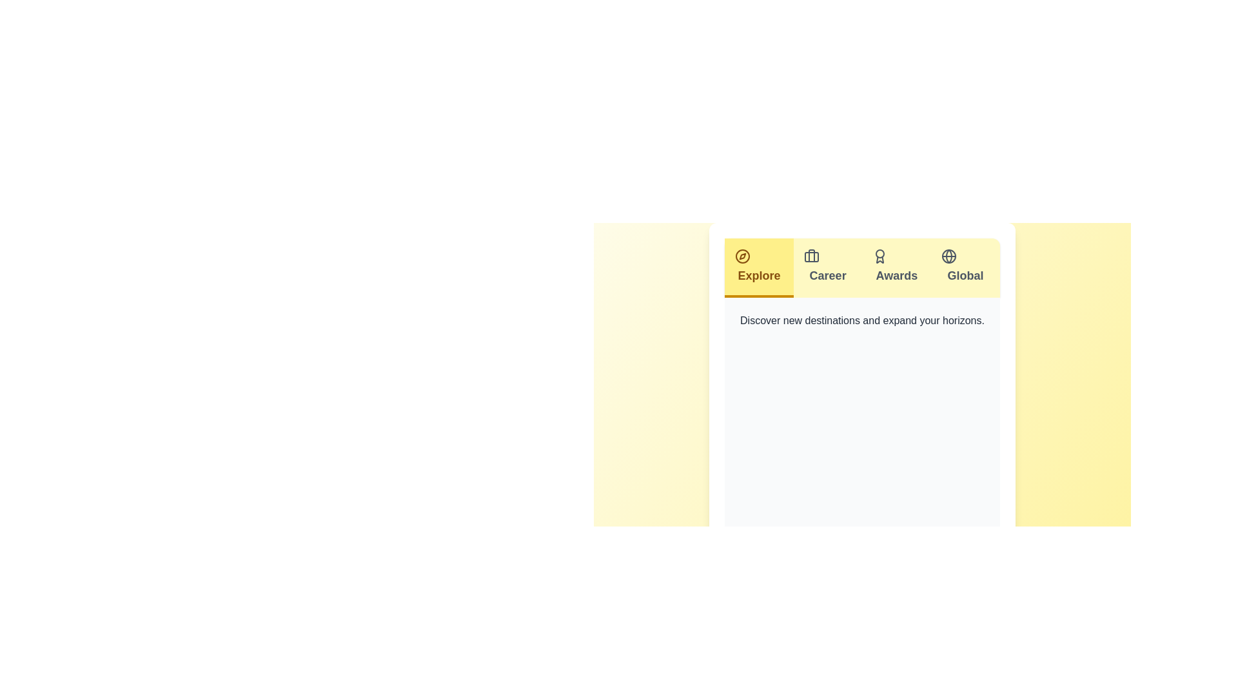  Describe the element at coordinates (896, 267) in the screenshot. I see `the tab labeled Awards to view its content` at that location.